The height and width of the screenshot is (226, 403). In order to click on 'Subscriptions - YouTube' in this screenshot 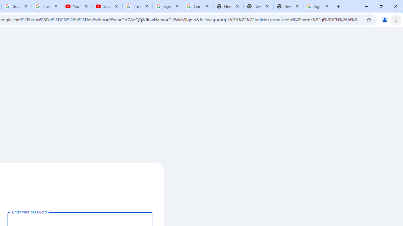, I will do `click(107, 6)`.